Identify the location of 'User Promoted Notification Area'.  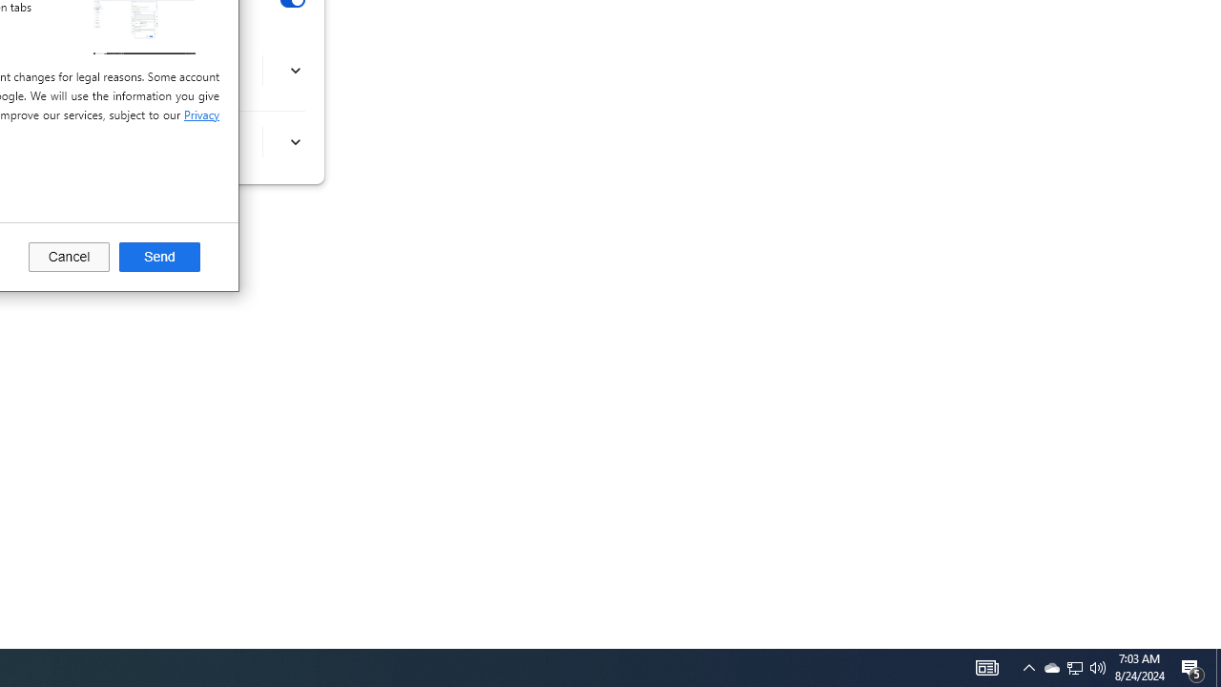
(1075, 666).